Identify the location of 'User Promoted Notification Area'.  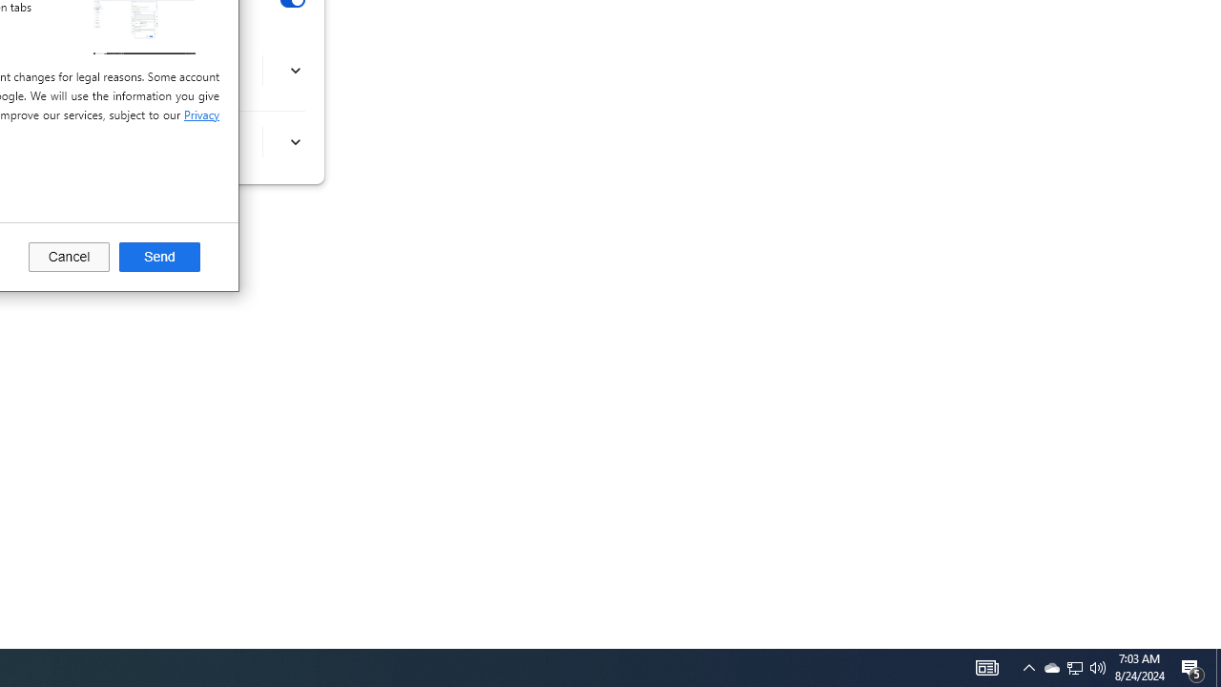
(1075, 666).